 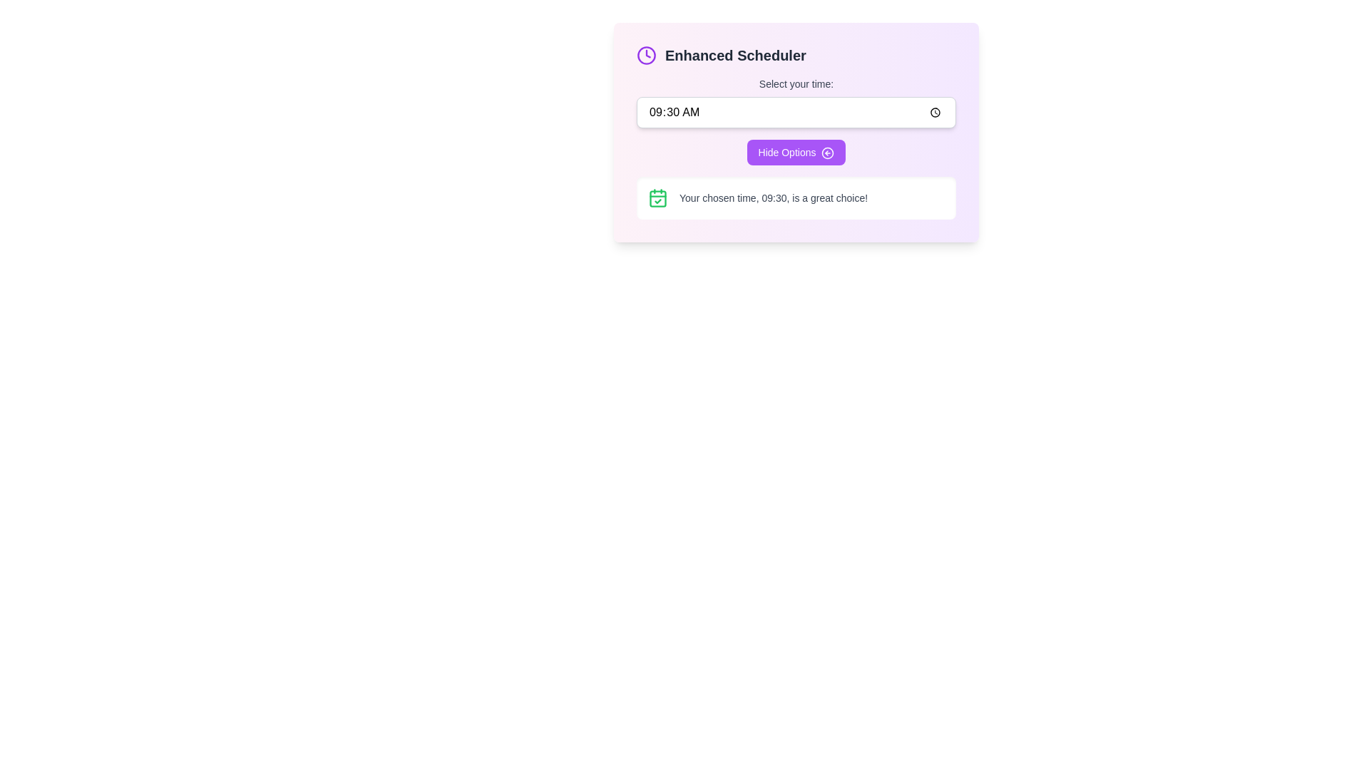 What do you see at coordinates (646, 54) in the screenshot?
I see `the clock icon located to the left of the 'Enhanced Scheduler' text at the top of the purple box, which serves as a visual cue for time-related functionalities` at bounding box center [646, 54].